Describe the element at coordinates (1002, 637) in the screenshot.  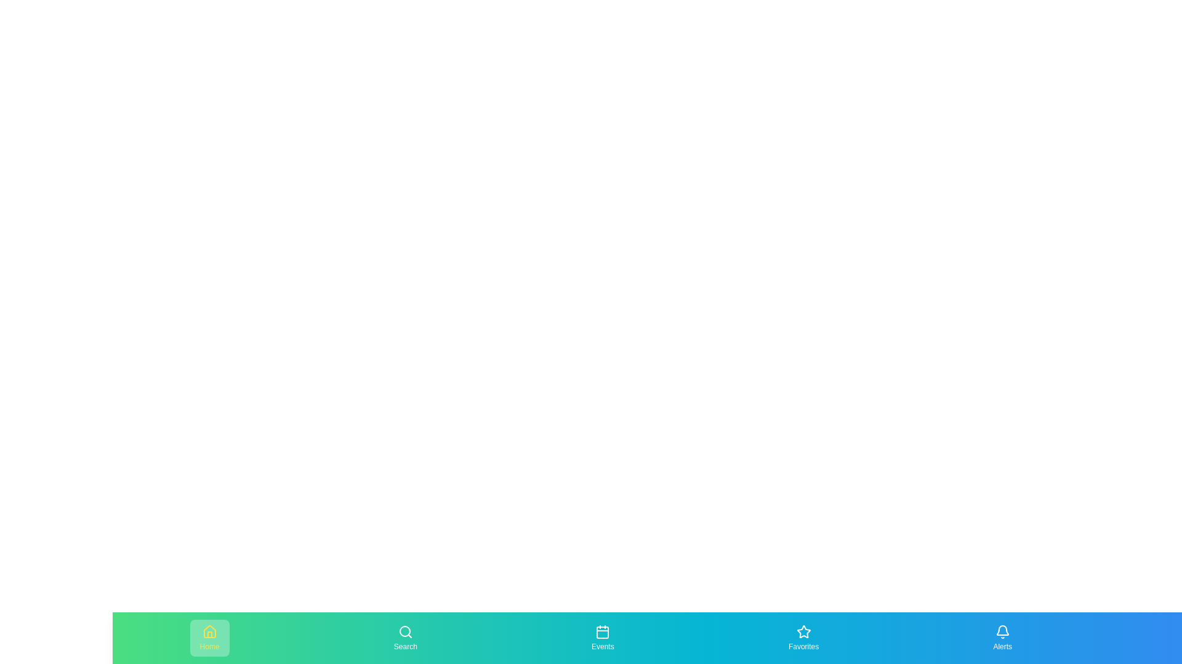
I see `the navigation item Alerts` at that location.